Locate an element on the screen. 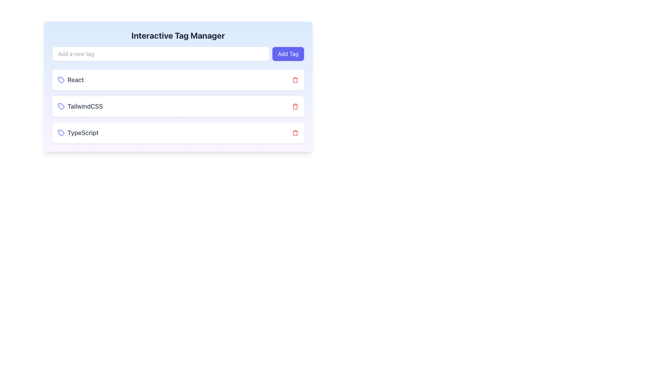 This screenshot has width=668, height=376. the 'React' tag icon located in the first row of the tags list under the 'Interactive Tag Manager' header is located at coordinates (61, 80).